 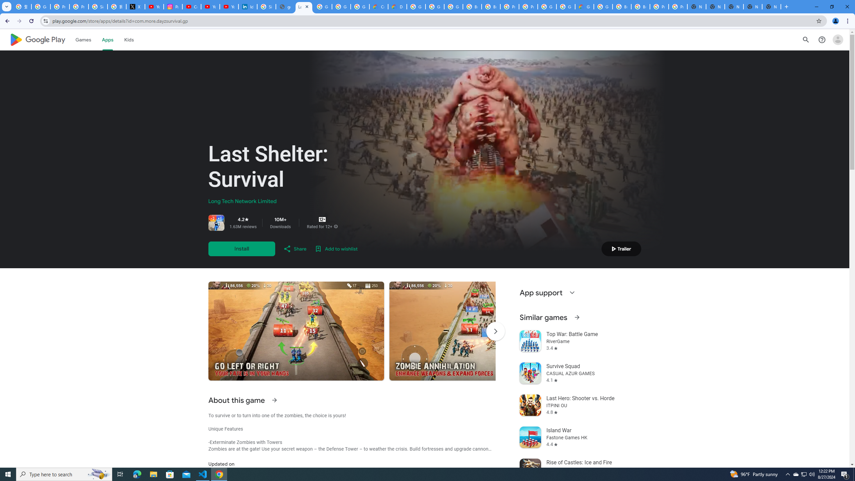 I want to click on 'Privacy Help Center - Policies Help', so click(x=79, y=6).